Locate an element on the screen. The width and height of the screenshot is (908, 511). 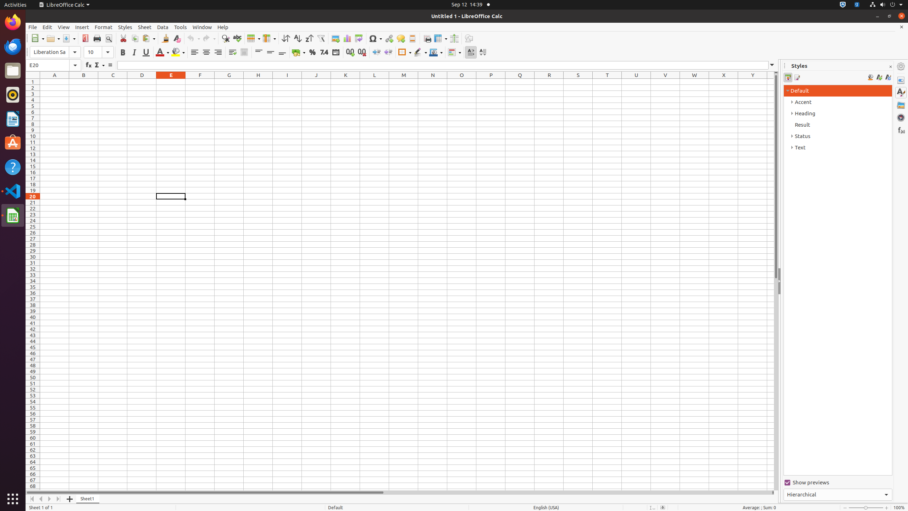
'New' is located at coordinates (37, 38).